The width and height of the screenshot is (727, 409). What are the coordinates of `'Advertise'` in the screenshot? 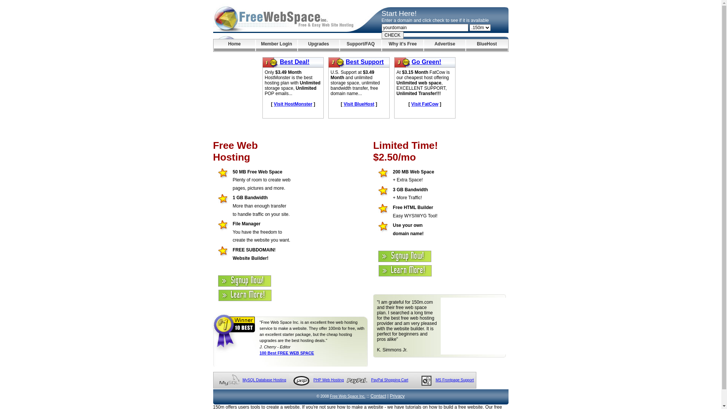 It's located at (445, 45).